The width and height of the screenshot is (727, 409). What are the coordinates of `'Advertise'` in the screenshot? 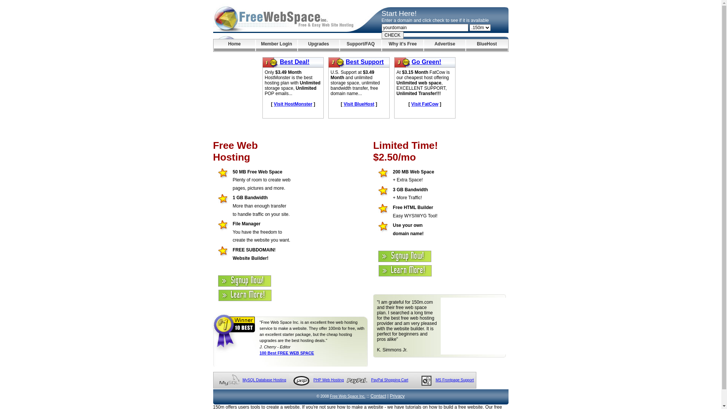 It's located at (445, 45).